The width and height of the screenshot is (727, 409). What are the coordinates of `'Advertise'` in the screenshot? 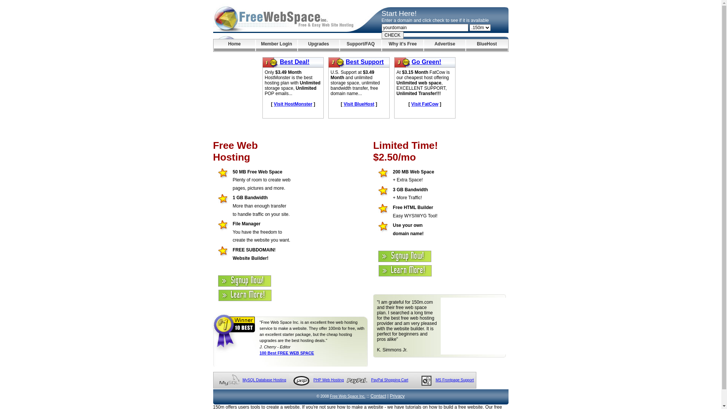 It's located at (445, 45).